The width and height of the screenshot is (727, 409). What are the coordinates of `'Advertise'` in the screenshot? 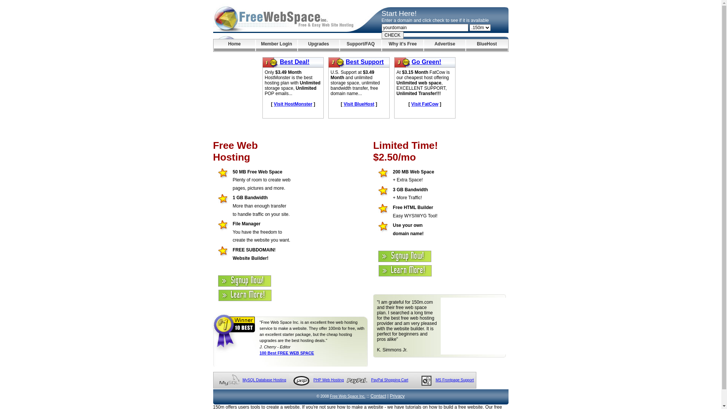 It's located at (445, 45).